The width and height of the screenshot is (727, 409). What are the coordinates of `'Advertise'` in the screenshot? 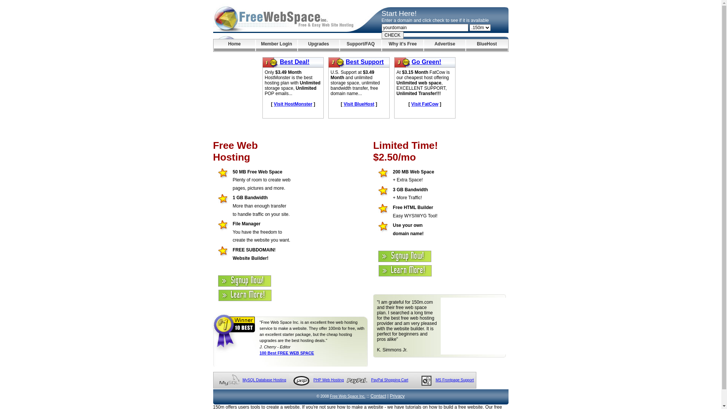 It's located at (445, 45).